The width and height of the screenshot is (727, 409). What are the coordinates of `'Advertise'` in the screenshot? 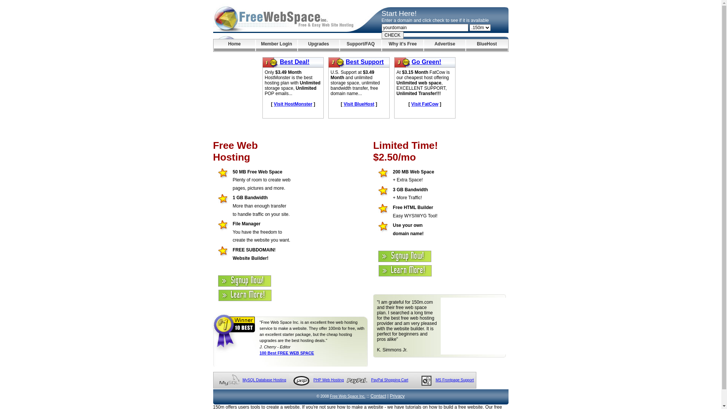 It's located at (445, 45).